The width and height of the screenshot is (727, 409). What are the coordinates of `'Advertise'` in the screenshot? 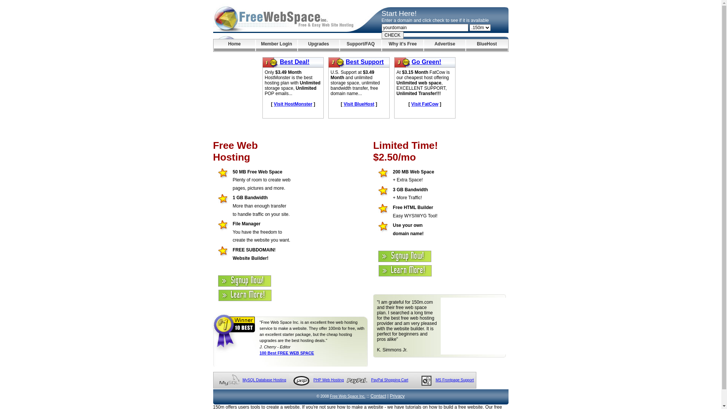 It's located at (445, 45).